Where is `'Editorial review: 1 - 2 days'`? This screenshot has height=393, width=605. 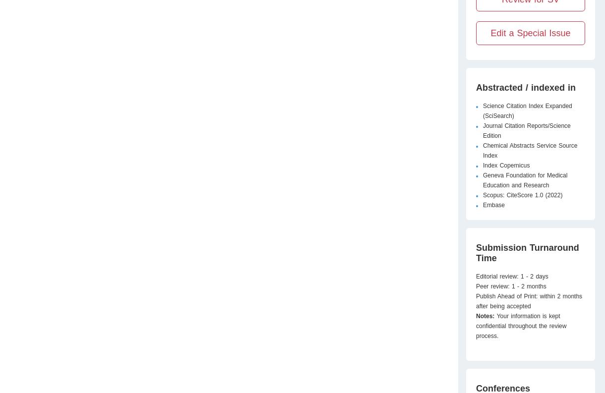
'Editorial review: 1 - 2 days' is located at coordinates (512, 276).